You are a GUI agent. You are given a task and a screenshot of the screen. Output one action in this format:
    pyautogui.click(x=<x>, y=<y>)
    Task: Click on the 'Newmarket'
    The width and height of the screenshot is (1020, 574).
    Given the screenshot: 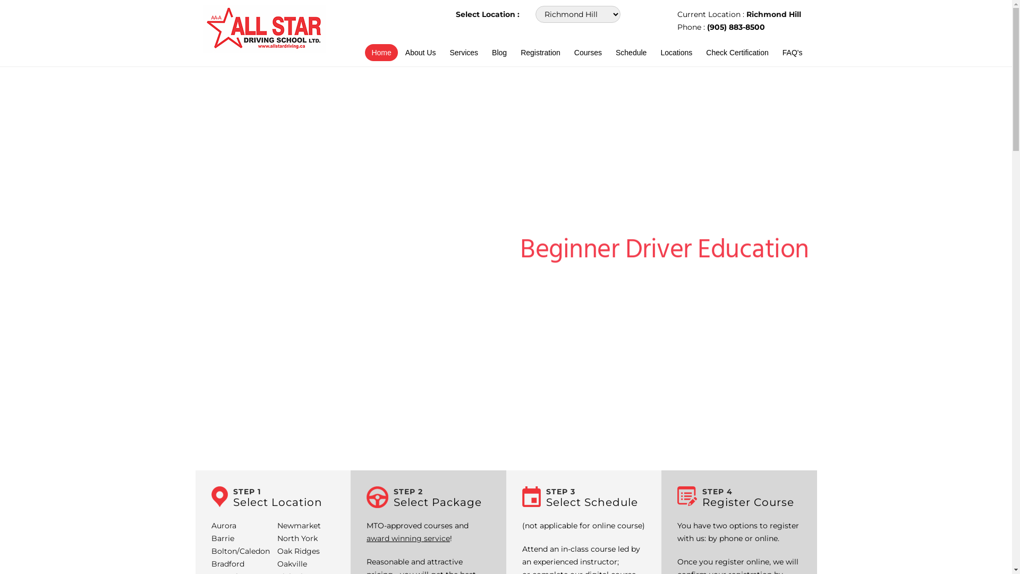 What is the action you would take?
    pyautogui.click(x=298, y=525)
    